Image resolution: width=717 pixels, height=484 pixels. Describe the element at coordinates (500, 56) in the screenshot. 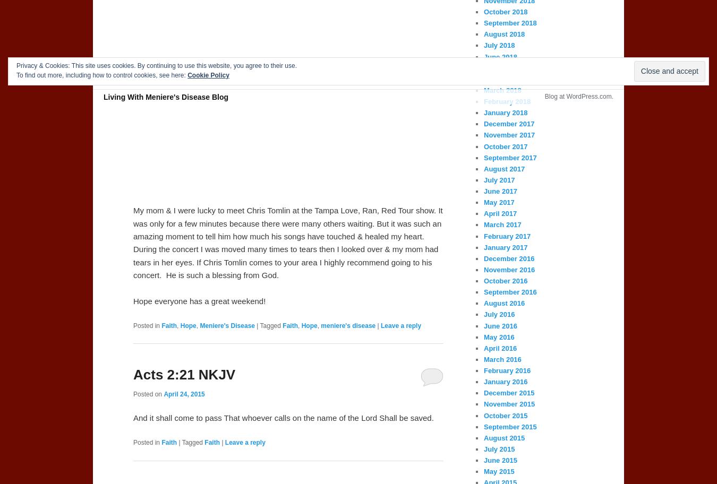

I see `'June 2018'` at that location.